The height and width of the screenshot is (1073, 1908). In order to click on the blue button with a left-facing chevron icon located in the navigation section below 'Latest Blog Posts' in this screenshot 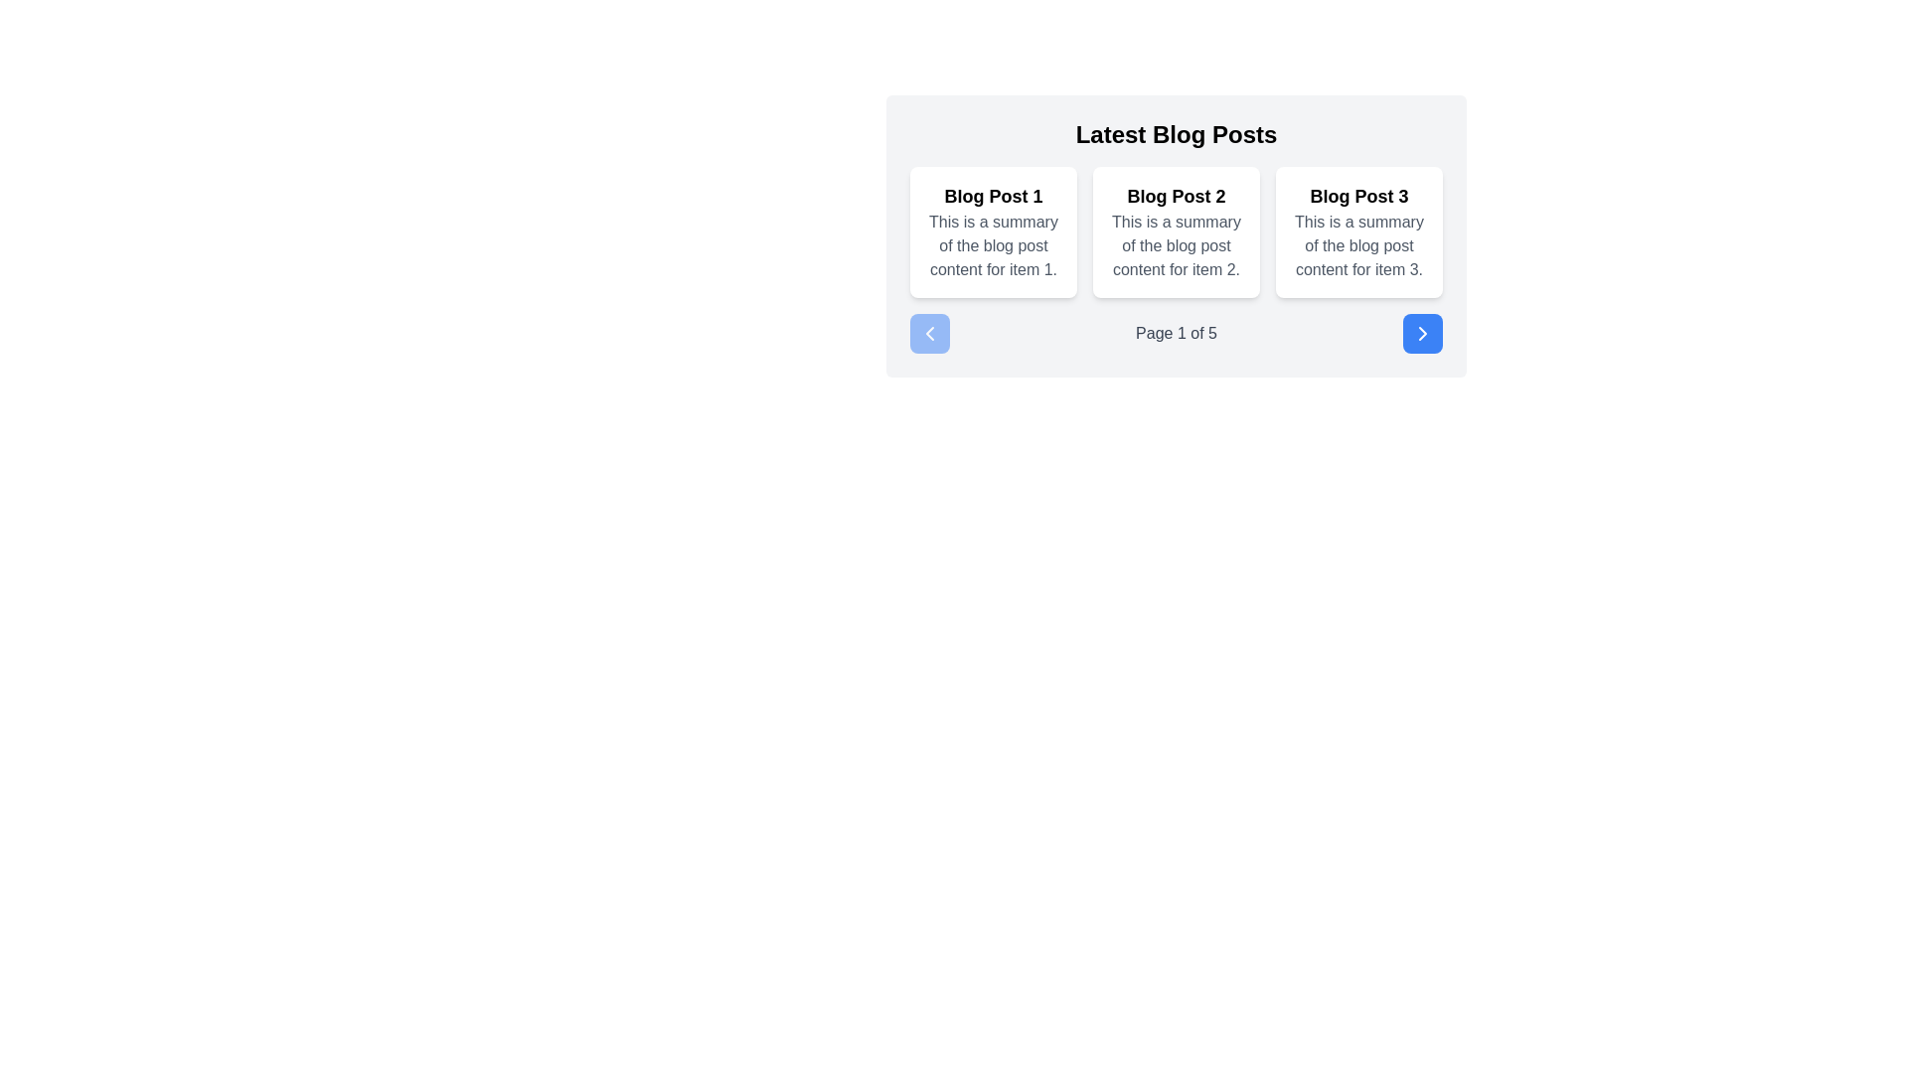, I will do `click(929, 332)`.